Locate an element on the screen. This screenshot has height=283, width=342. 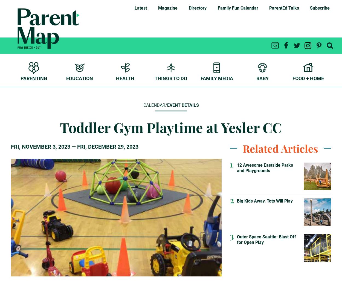
'Fri, December 29, 2023' is located at coordinates (108, 147).